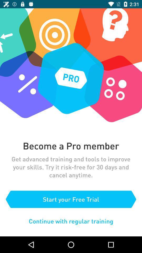  I want to click on the continue with regular item, so click(71, 221).